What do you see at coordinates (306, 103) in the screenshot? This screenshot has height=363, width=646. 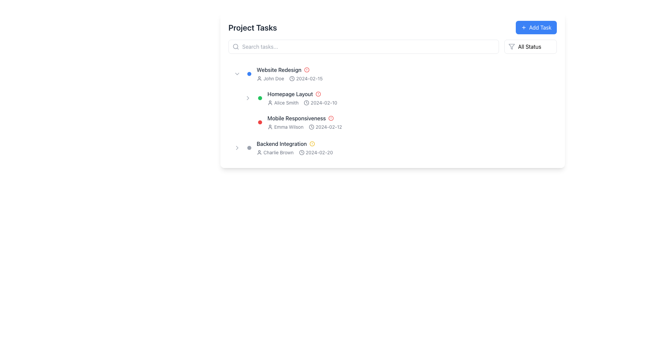 I see `the small clock icon located to the left of the date '2024-02-10' under the task 'Homepage Layout' to get additional information` at bounding box center [306, 103].